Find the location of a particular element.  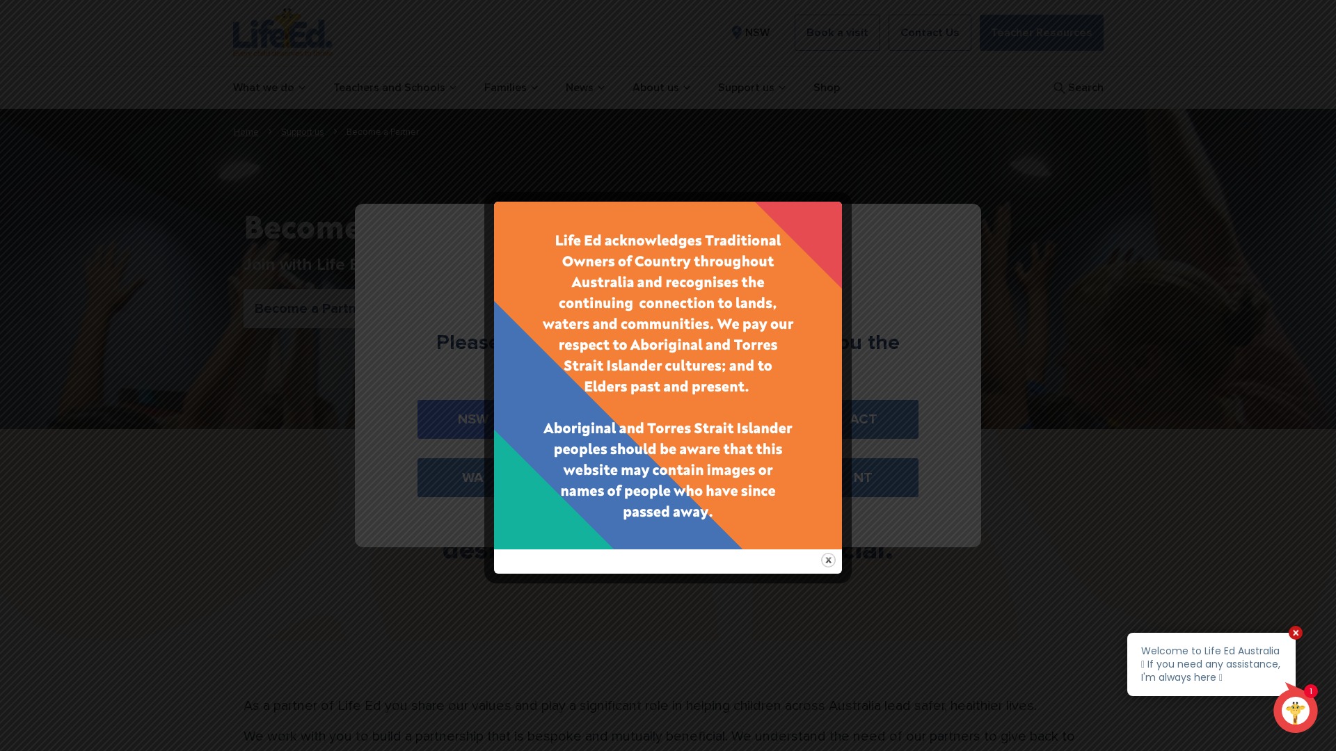

'NSW' is located at coordinates (747, 31).